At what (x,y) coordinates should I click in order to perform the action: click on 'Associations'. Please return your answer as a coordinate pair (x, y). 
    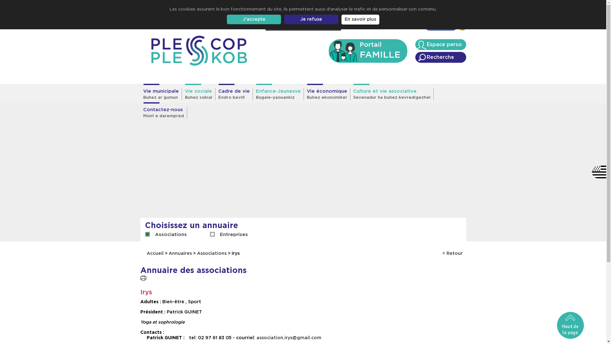
    Looking at the image, I should click on (171, 234).